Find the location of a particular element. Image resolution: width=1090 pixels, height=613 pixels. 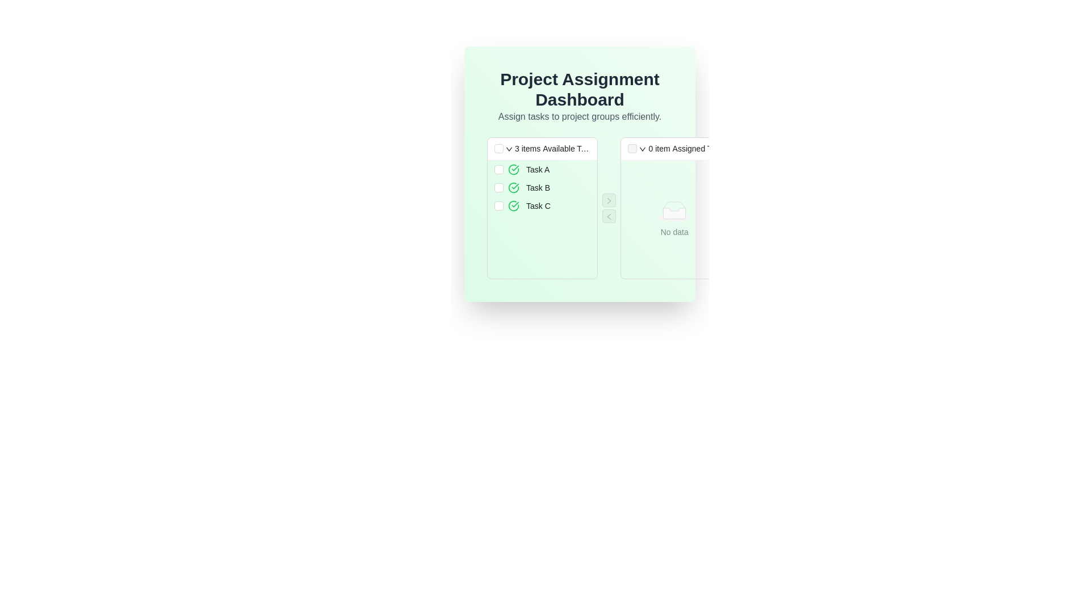

the checkbox element located at the top left of the header labeled '3 items Available Tasks' is located at coordinates (498, 148).